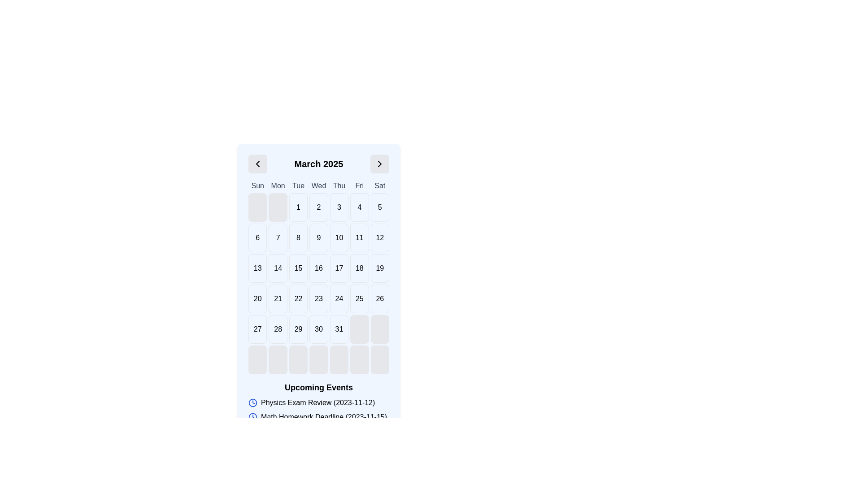  What do you see at coordinates (257, 164) in the screenshot?
I see `the navigation button located at the far left of the calendar interface` at bounding box center [257, 164].